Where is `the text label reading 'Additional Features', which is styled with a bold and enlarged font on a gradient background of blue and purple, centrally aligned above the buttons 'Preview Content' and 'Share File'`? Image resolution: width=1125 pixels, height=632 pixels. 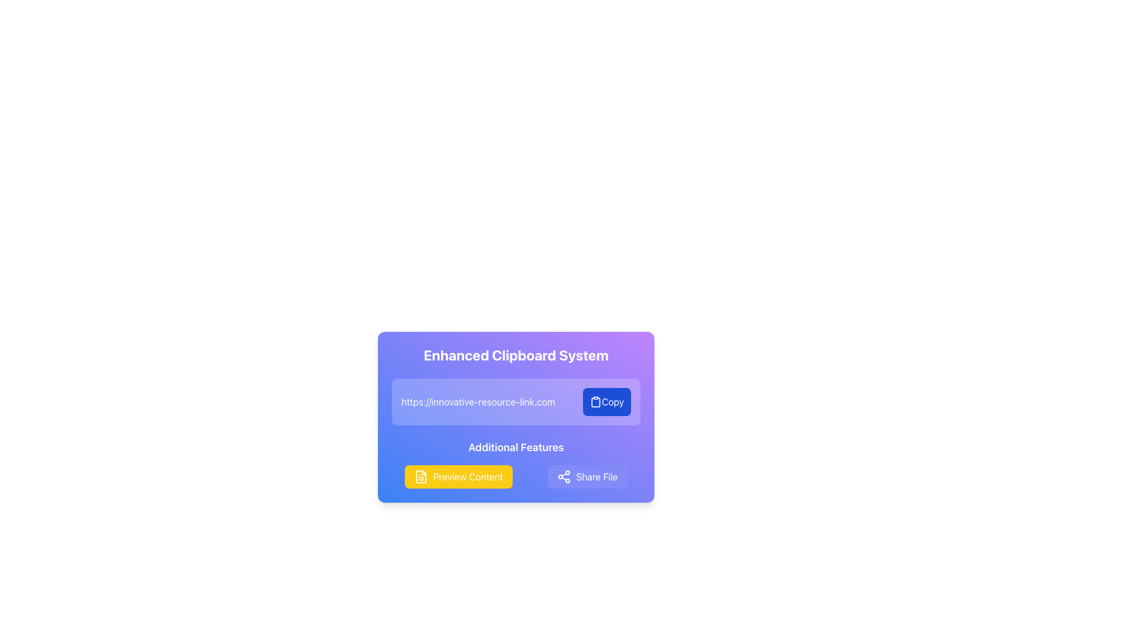 the text label reading 'Additional Features', which is styled with a bold and enlarged font on a gradient background of blue and purple, centrally aligned above the buttons 'Preview Content' and 'Share File' is located at coordinates (516, 447).